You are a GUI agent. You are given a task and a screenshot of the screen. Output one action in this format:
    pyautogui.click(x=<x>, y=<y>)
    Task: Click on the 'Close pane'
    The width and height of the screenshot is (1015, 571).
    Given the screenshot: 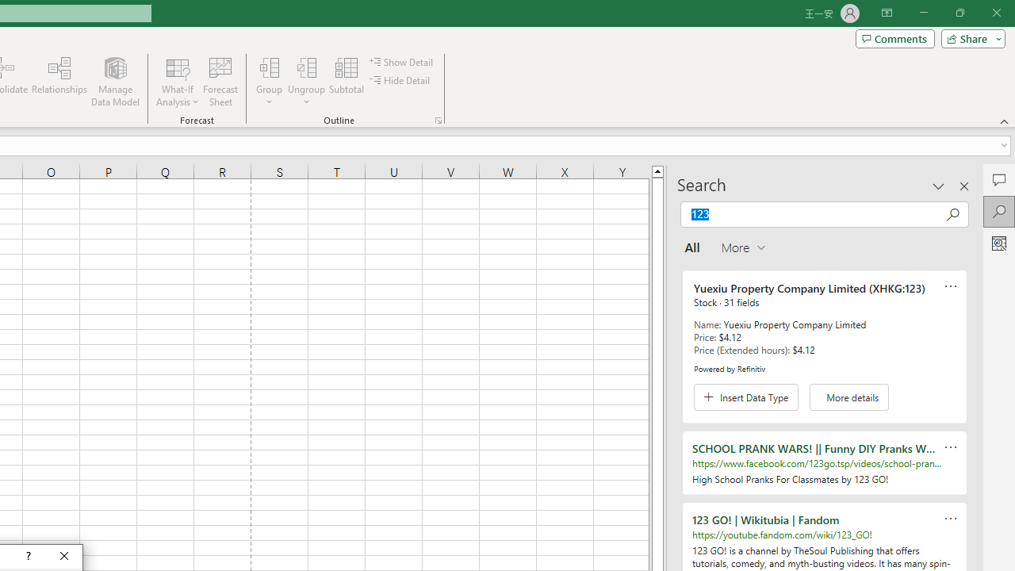 What is the action you would take?
    pyautogui.click(x=963, y=186)
    